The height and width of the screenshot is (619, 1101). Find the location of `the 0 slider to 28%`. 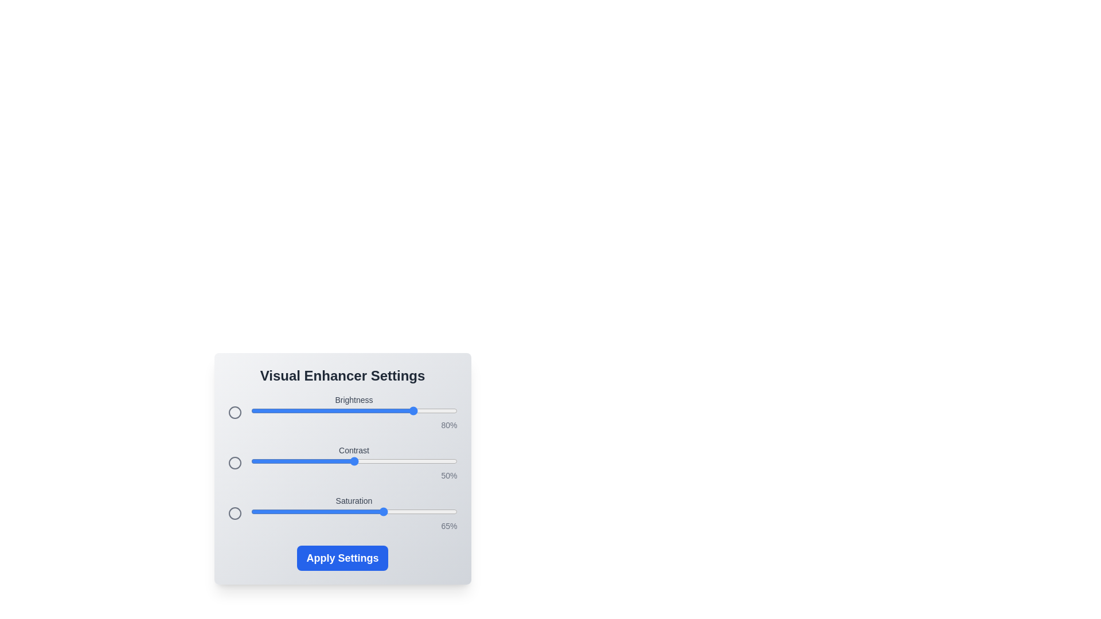

the 0 slider to 28% is located at coordinates (309, 410).